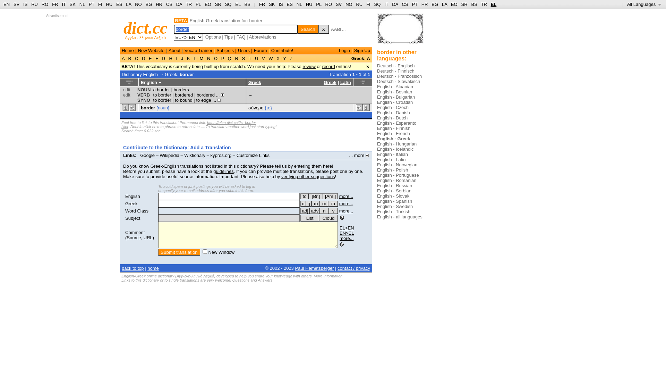 This screenshot has height=375, width=666. I want to click on 'verifying other suggestions', so click(308, 176).